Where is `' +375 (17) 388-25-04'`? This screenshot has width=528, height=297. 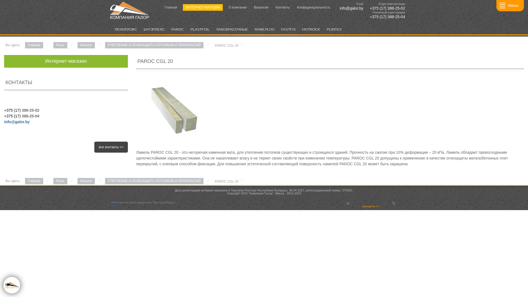
' +375 (17) 388-25-04' is located at coordinates (386, 16).